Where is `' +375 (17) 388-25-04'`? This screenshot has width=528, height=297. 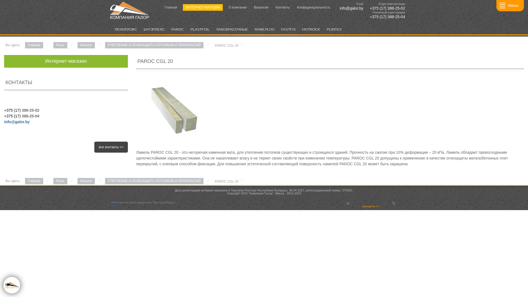
' +375 (17) 388-25-04' is located at coordinates (386, 16).